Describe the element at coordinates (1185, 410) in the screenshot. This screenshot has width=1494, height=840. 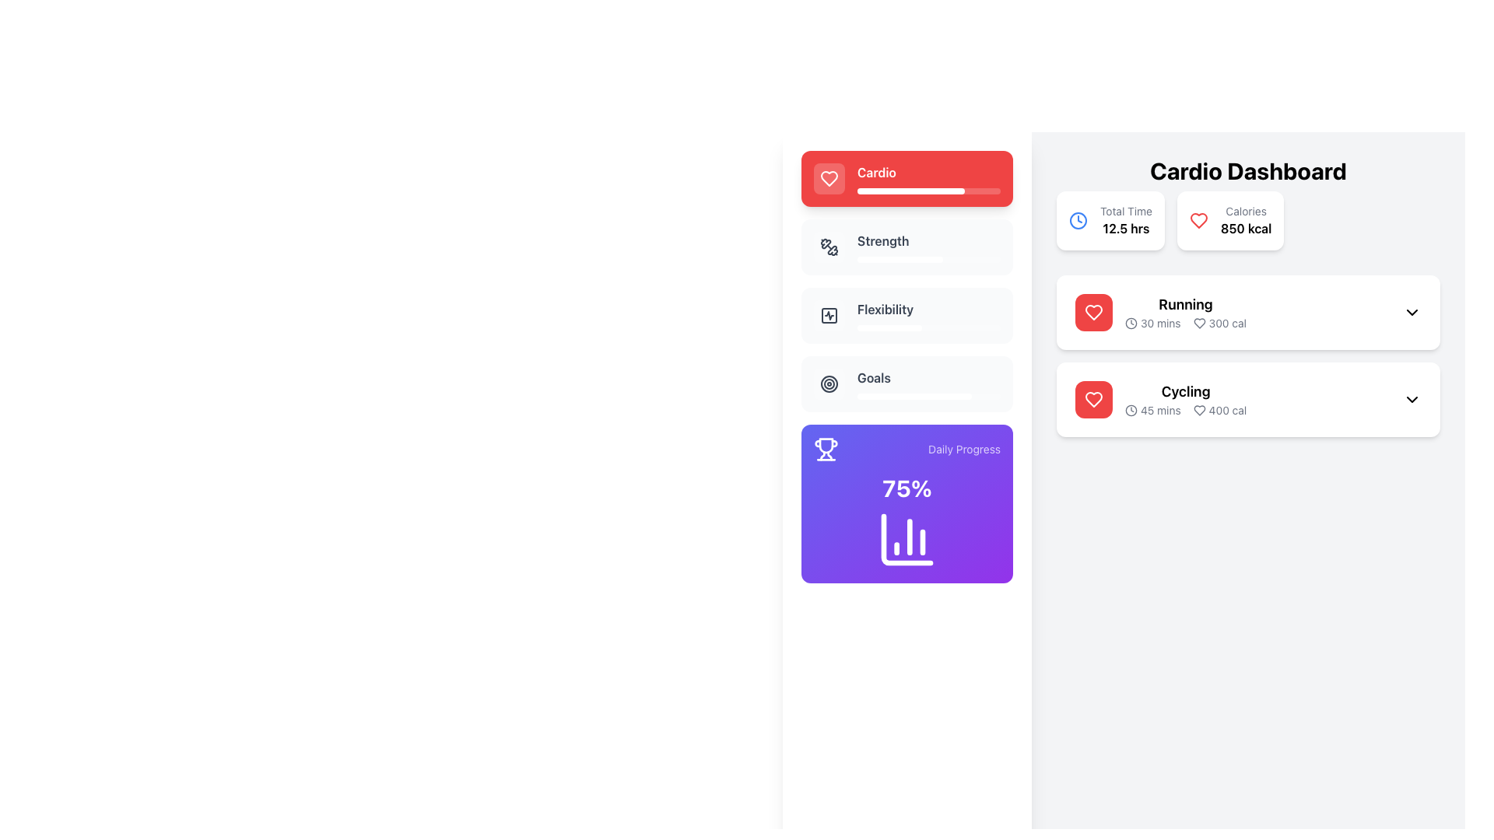
I see `information displayed in the Text display with accompanying icons that provides details about the cycling activity, including duration and caloric burn, located in the second activity card of the Cardio Dashboard section` at that location.